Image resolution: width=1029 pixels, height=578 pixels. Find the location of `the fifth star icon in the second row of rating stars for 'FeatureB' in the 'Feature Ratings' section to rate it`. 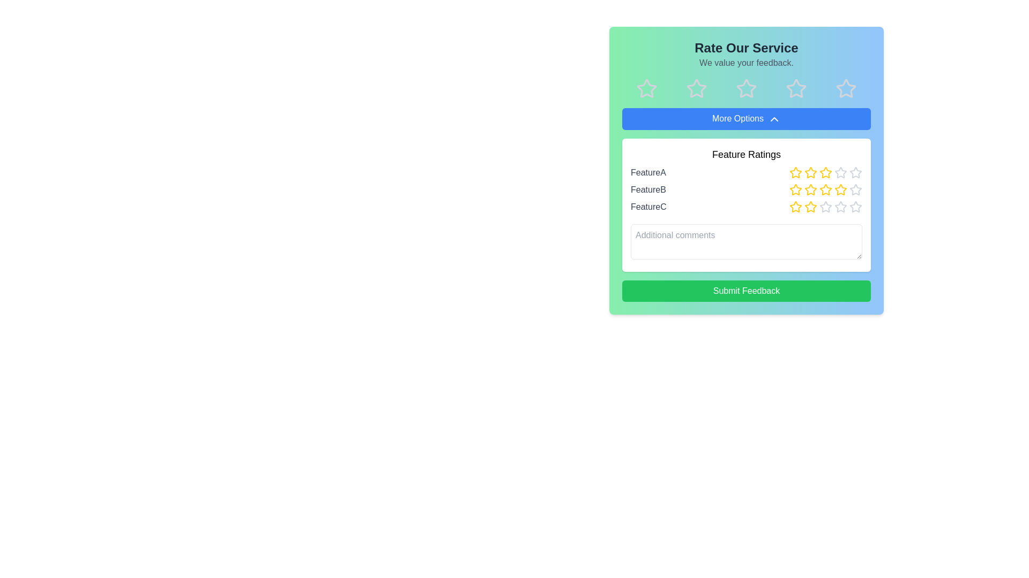

the fifth star icon in the second row of rating stars for 'FeatureB' in the 'Feature Ratings' section to rate it is located at coordinates (855, 189).